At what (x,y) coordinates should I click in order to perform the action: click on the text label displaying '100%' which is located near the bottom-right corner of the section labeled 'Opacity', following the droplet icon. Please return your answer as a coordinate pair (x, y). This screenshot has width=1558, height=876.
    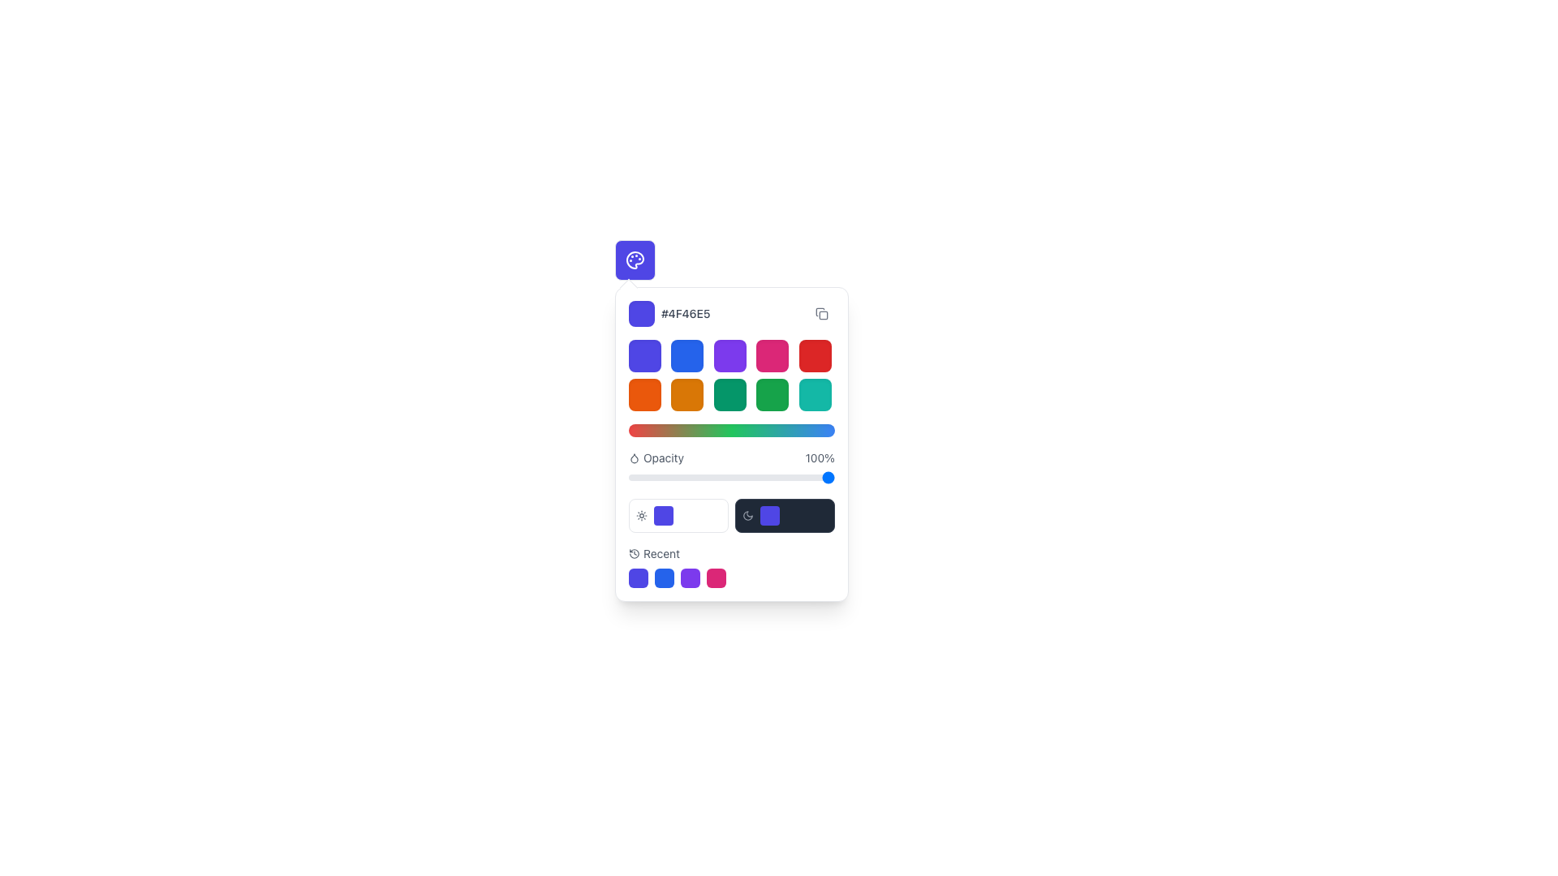
    Looking at the image, I should click on (820, 457).